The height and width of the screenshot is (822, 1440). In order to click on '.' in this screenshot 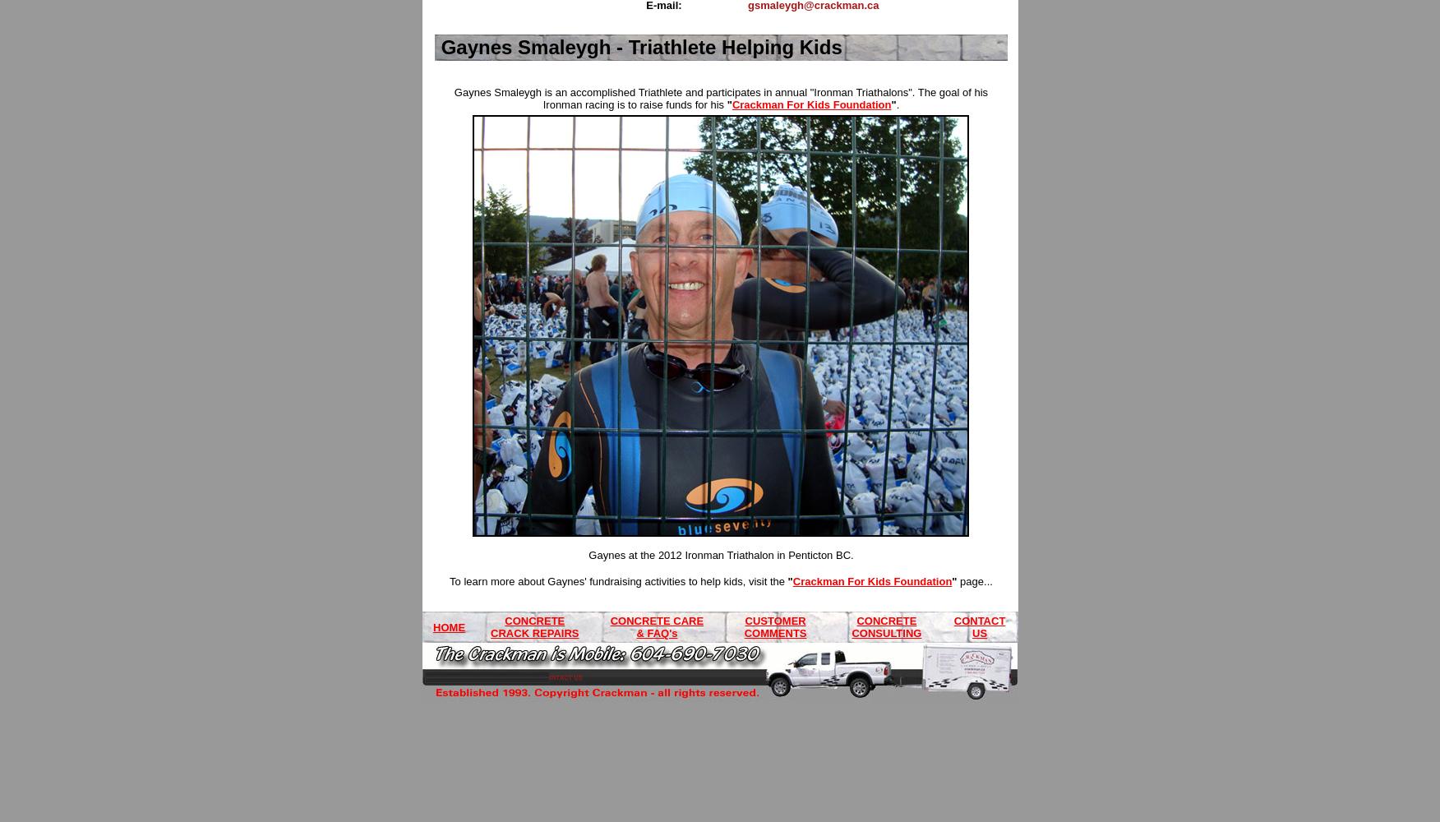, I will do `click(895, 104)`.